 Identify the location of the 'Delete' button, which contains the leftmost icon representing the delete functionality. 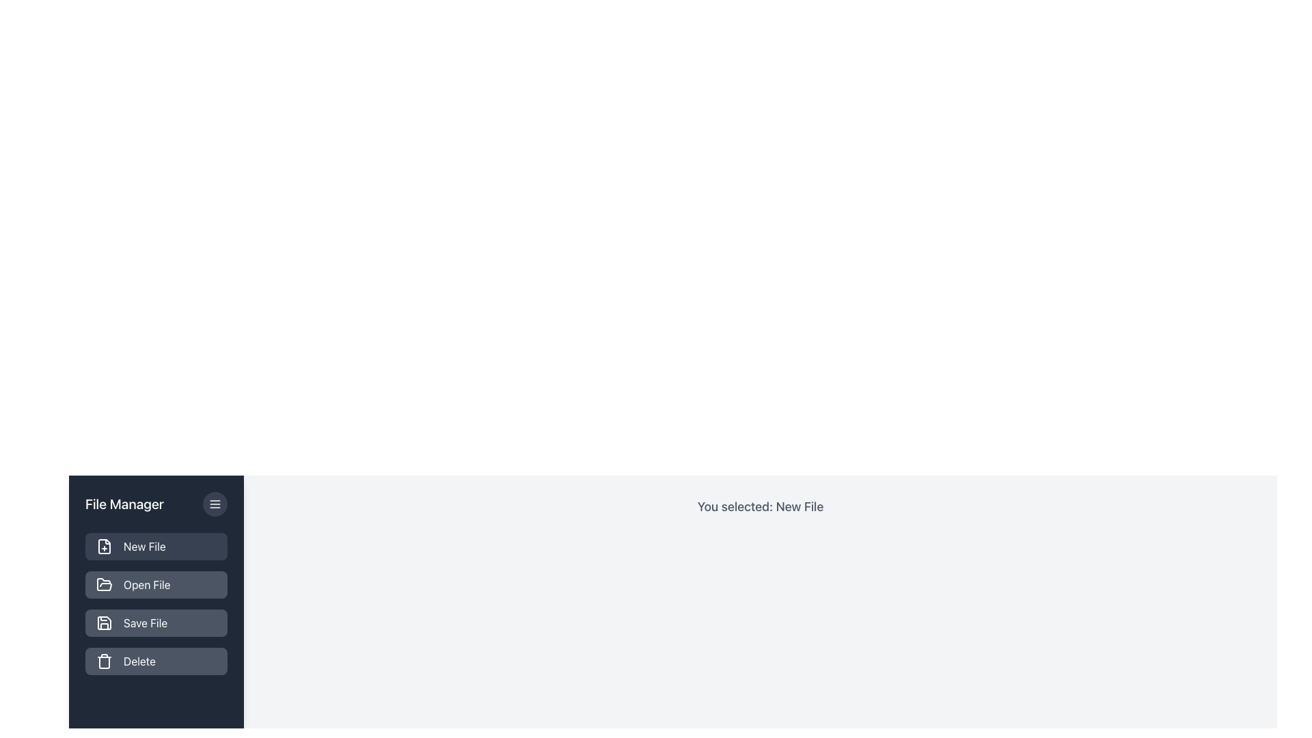
(104, 661).